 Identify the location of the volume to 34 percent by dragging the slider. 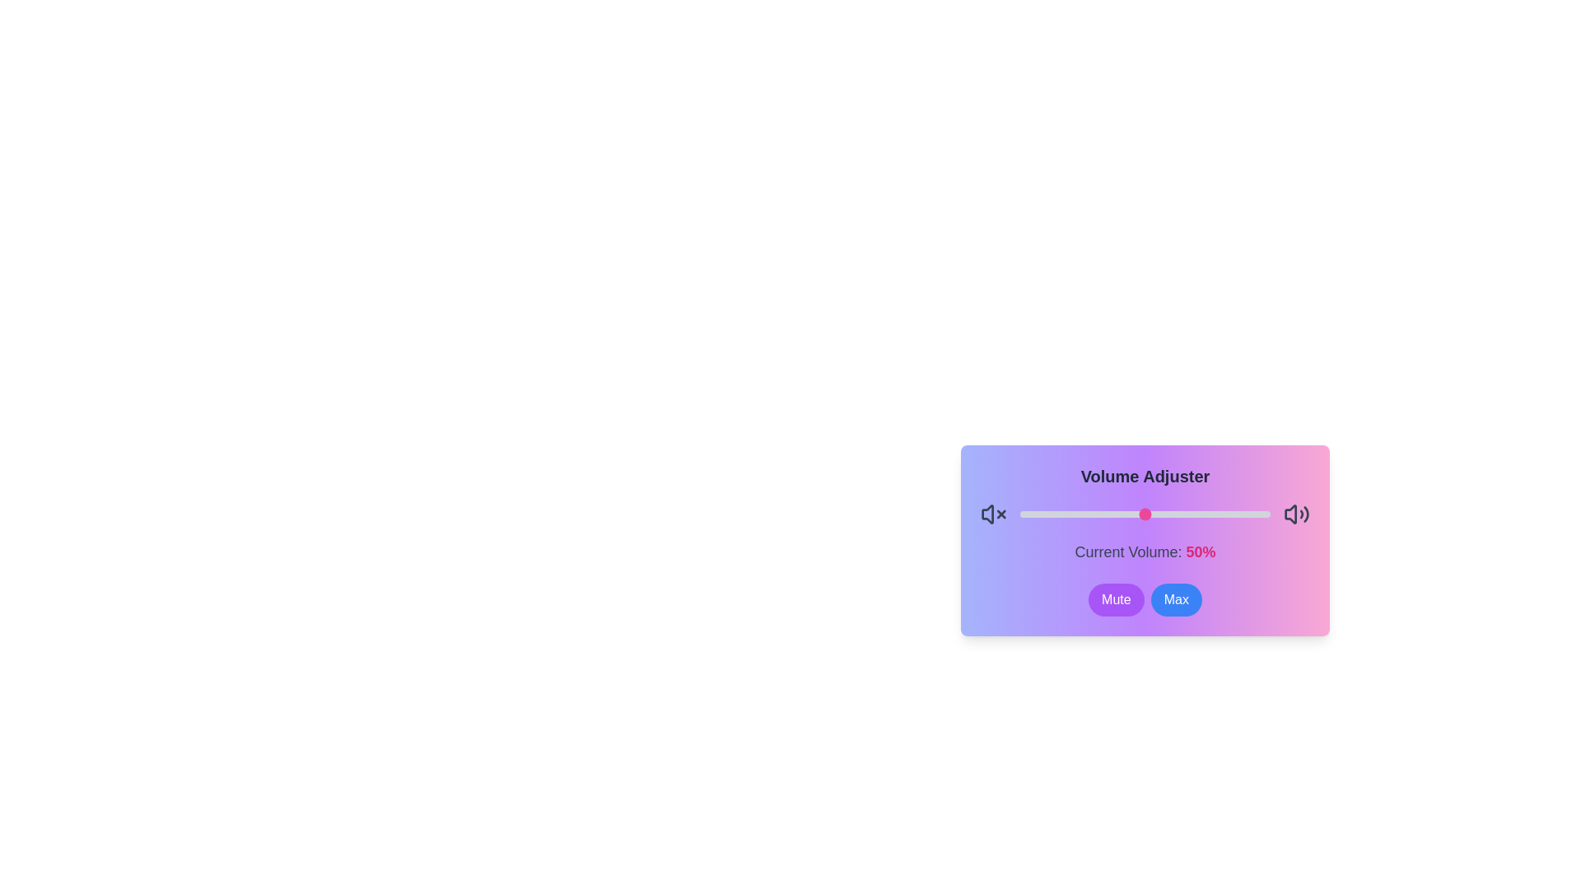
(1105, 513).